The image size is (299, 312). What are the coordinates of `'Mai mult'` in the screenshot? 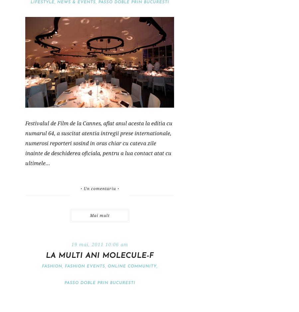 It's located at (99, 215).